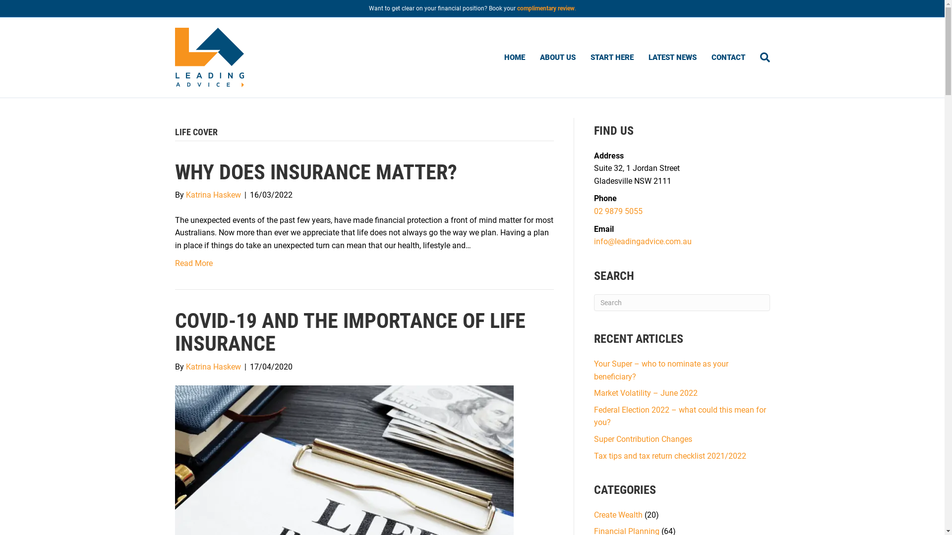 The width and height of the screenshot is (952, 535). I want to click on 'CONTACT', so click(728, 57).